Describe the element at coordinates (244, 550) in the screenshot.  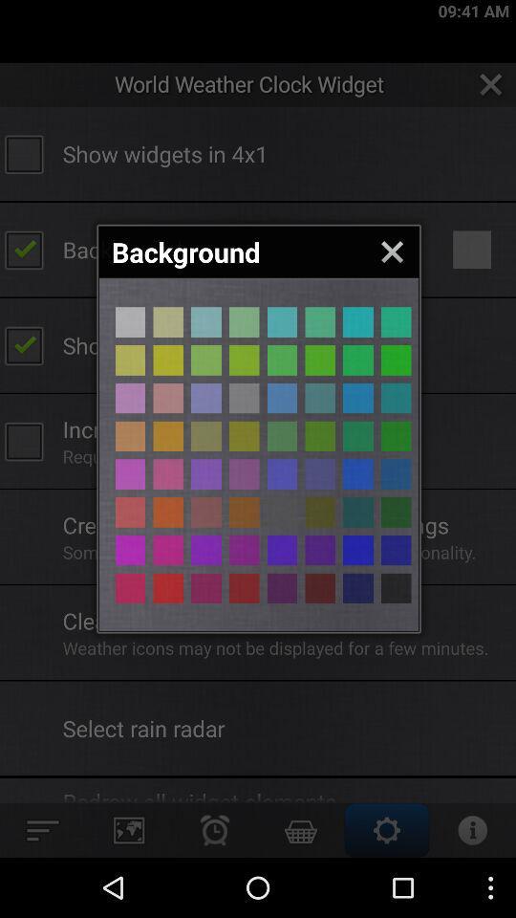
I see `different color page` at that location.